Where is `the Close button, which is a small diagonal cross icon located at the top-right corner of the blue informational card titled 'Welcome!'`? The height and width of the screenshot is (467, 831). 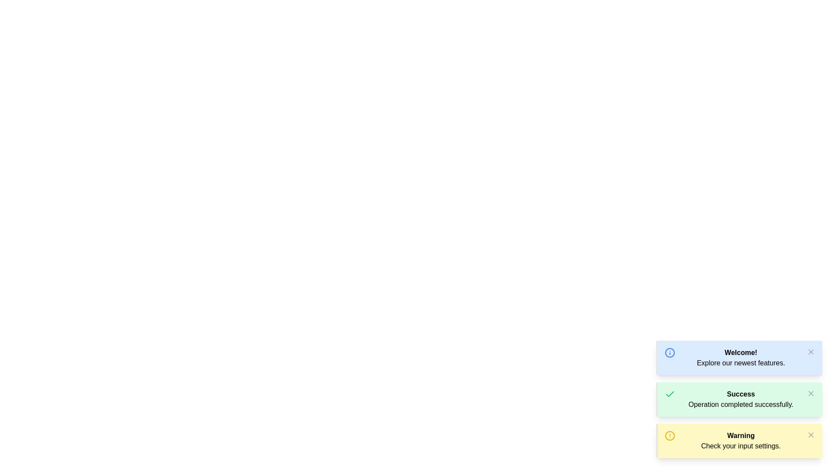 the Close button, which is a small diagonal cross icon located at the top-right corner of the blue informational card titled 'Welcome!' is located at coordinates (810, 352).